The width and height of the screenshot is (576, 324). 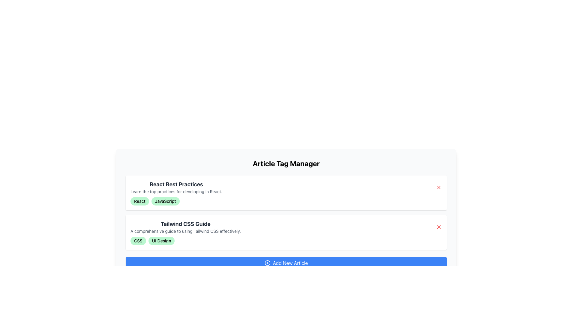 I want to click on the text display providing a brief description for the 'Tailwind CSS Guide' located directly beneath its header, so click(x=185, y=231).